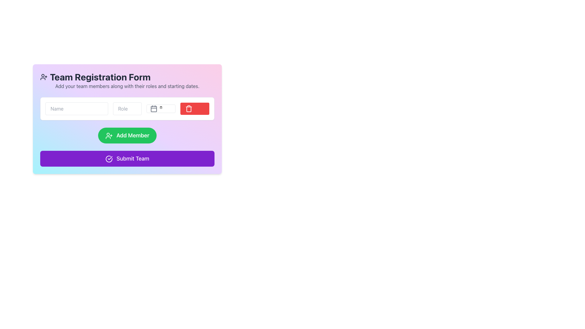 The width and height of the screenshot is (585, 329). I want to click on the button located below the 'Name' and 'Role' input fields and above the 'Submit Team' button, so click(127, 135).